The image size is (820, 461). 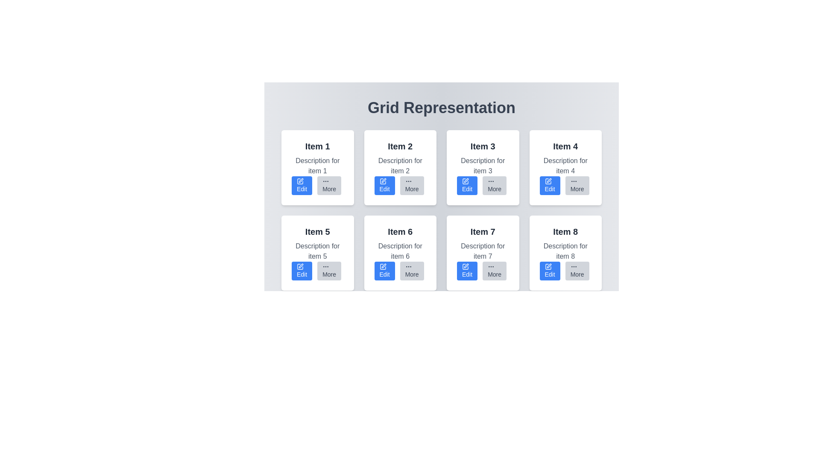 What do you see at coordinates (565, 253) in the screenshot?
I see `the 'More' button of the Card element located in the second row and fourth column of the grid layout` at bounding box center [565, 253].